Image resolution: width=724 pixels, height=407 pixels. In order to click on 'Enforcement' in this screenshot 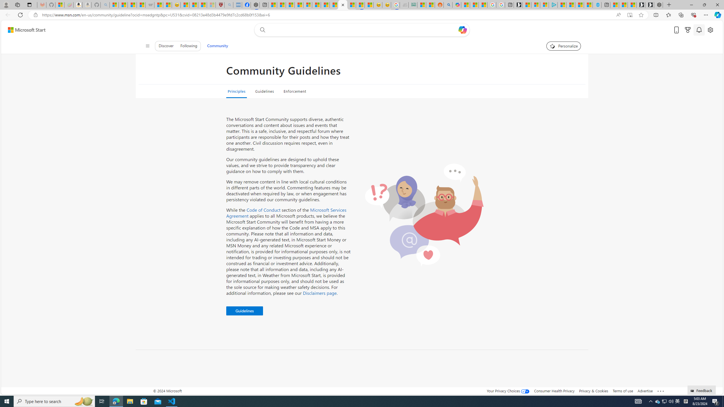, I will do `click(294, 91)`.